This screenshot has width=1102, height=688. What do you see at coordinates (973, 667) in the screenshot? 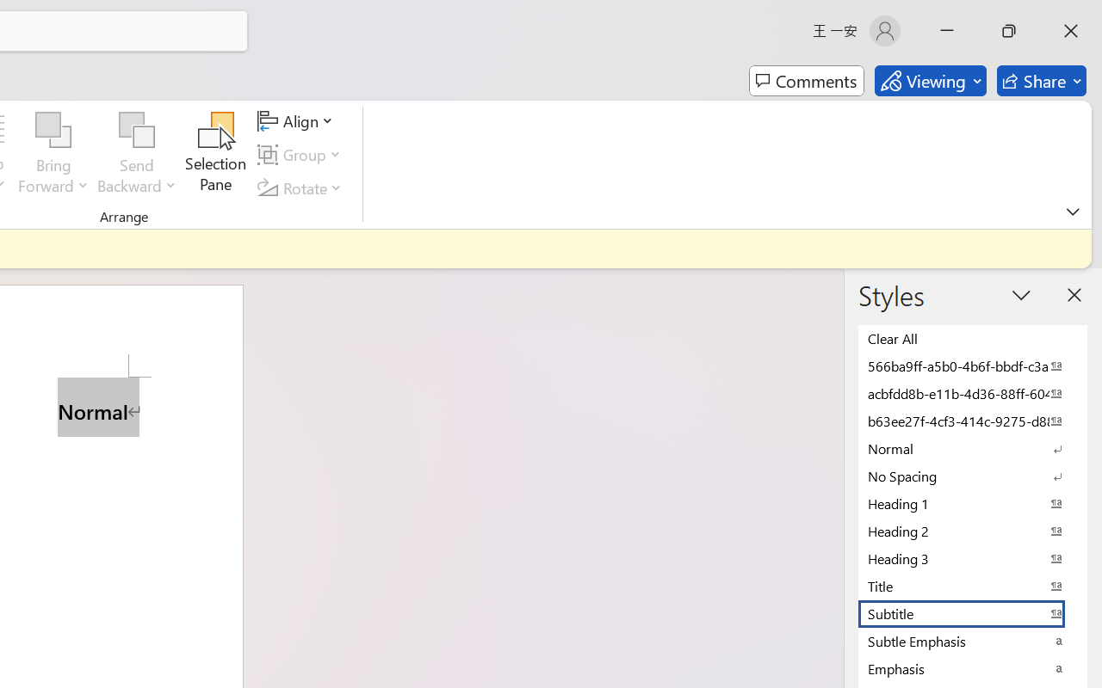
I see `'Emphasis'` at bounding box center [973, 667].